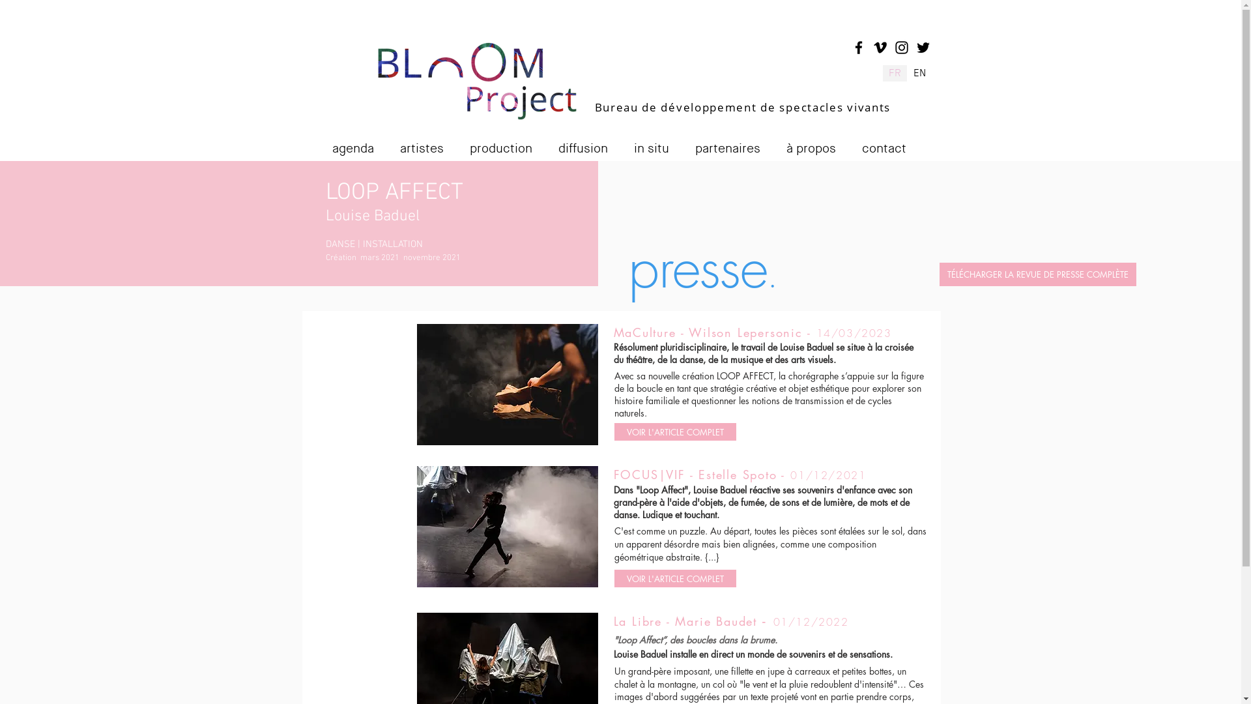 This screenshot has width=1251, height=704. I want to click on 'LOOP AFFECT', so click(394, 193).